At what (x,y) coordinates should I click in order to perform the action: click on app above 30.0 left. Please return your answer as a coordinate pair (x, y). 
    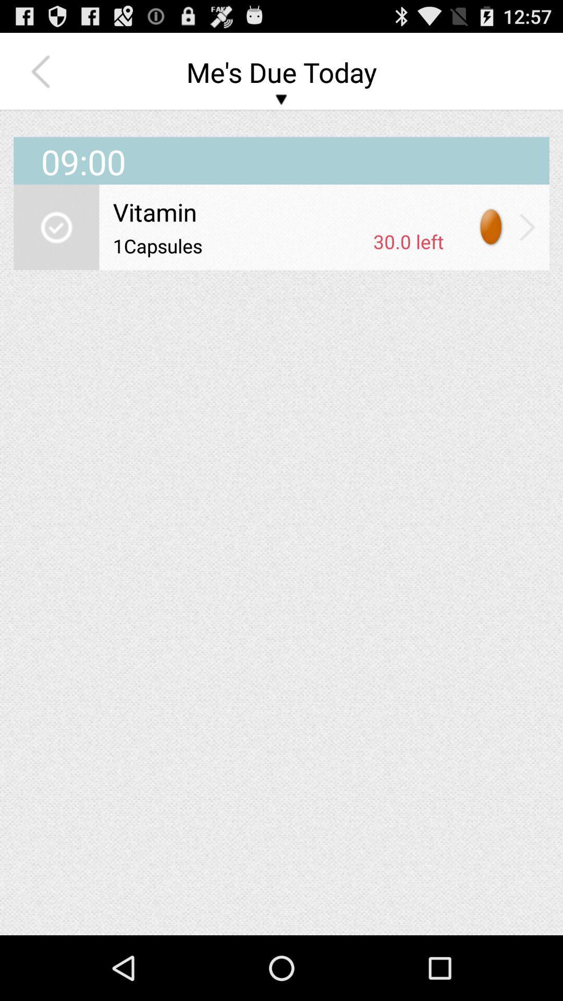
    Looking at the image, I should click on (277, 211).